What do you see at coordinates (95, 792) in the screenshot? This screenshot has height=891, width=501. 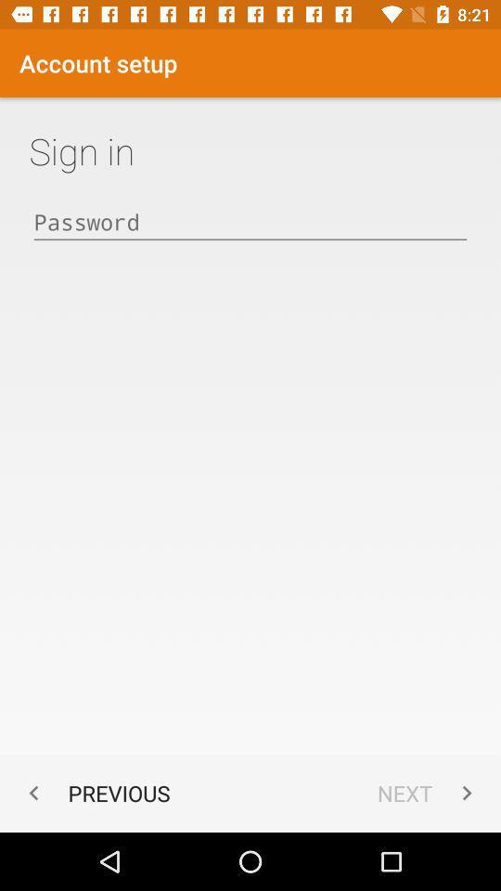 I see `the app next to next icon` at bounding box center [95, 792].